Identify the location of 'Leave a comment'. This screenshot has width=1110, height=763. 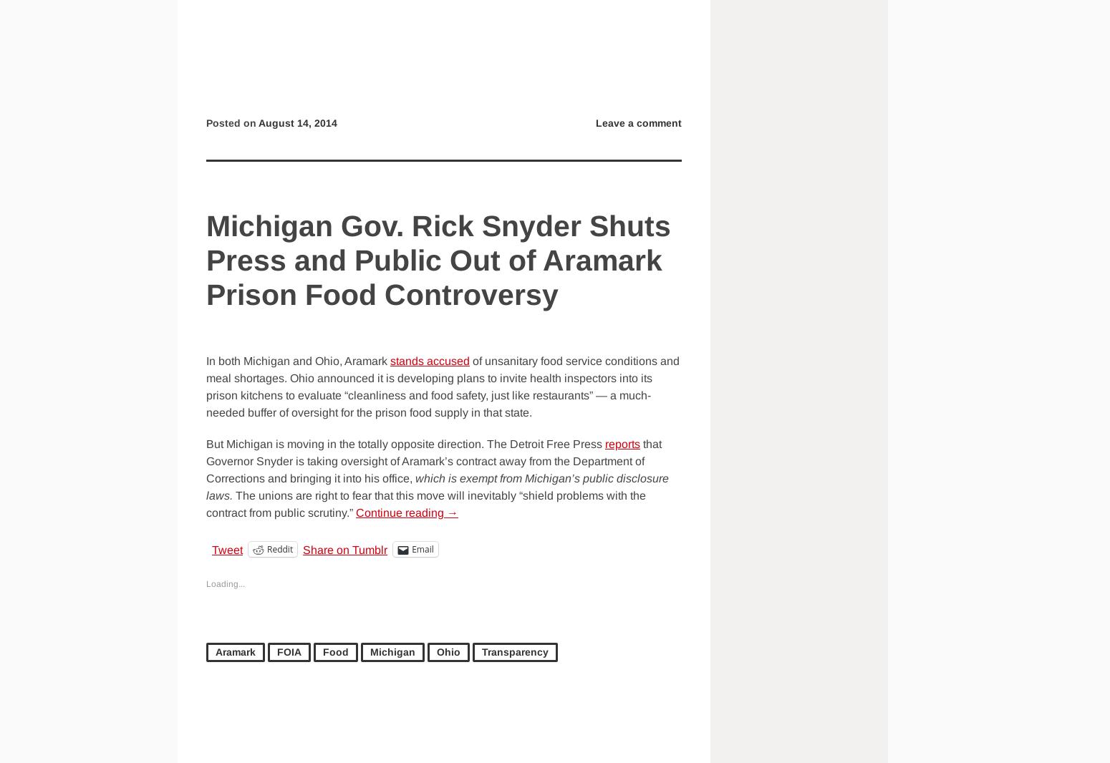
(639, 121).